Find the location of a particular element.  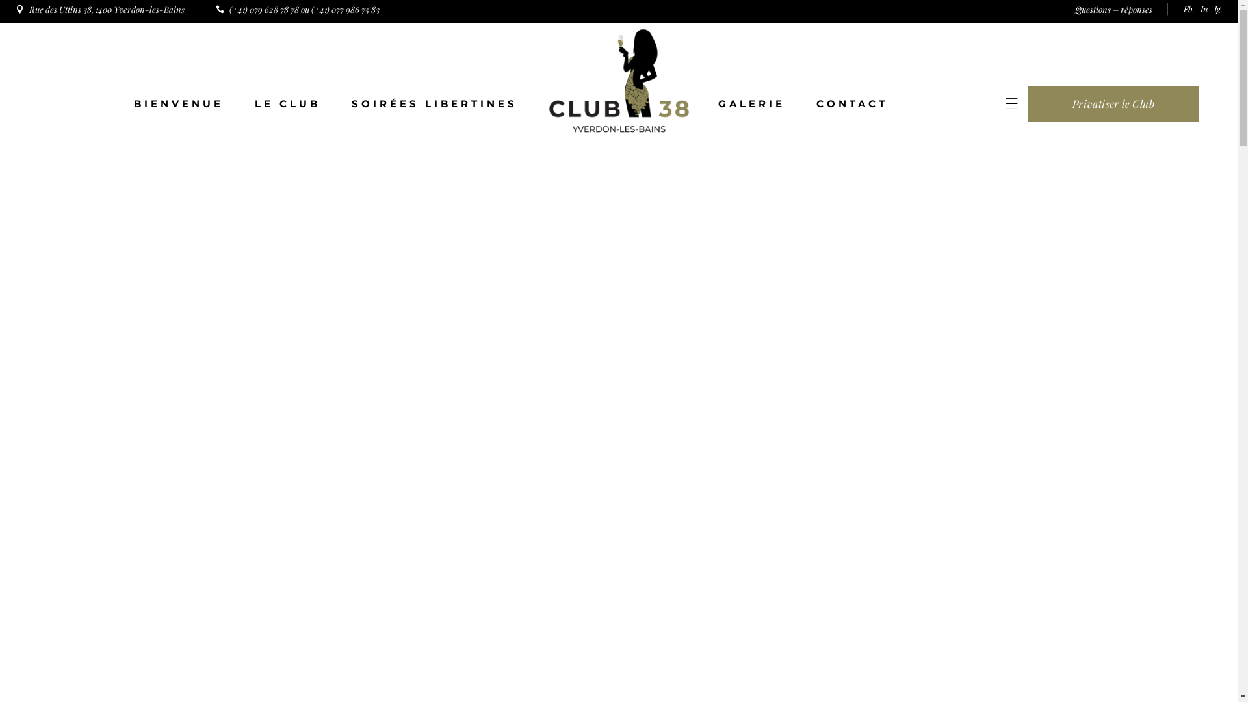

'CONTACT' is located at coordinates (816, 103).